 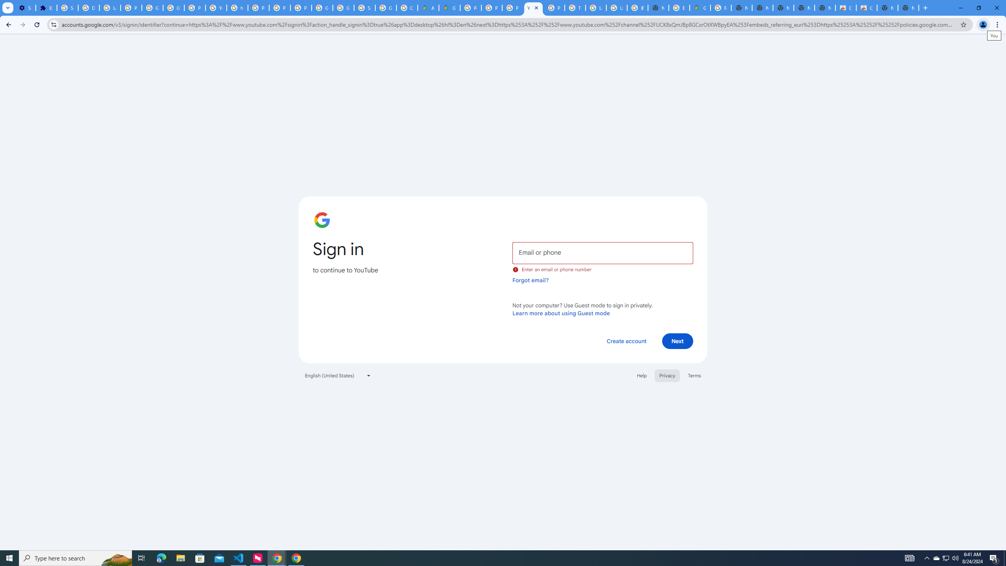 What do you see at coordinates (338, 375) in the screenshot?
I see `'English (United States)'` at bounding box center [338, 375].